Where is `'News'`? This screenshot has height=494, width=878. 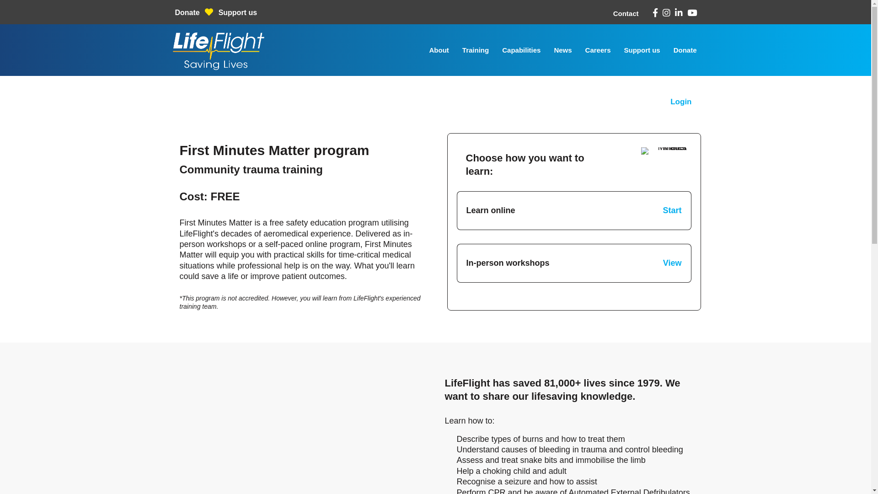
'News' is located at coordinates (562, 50).